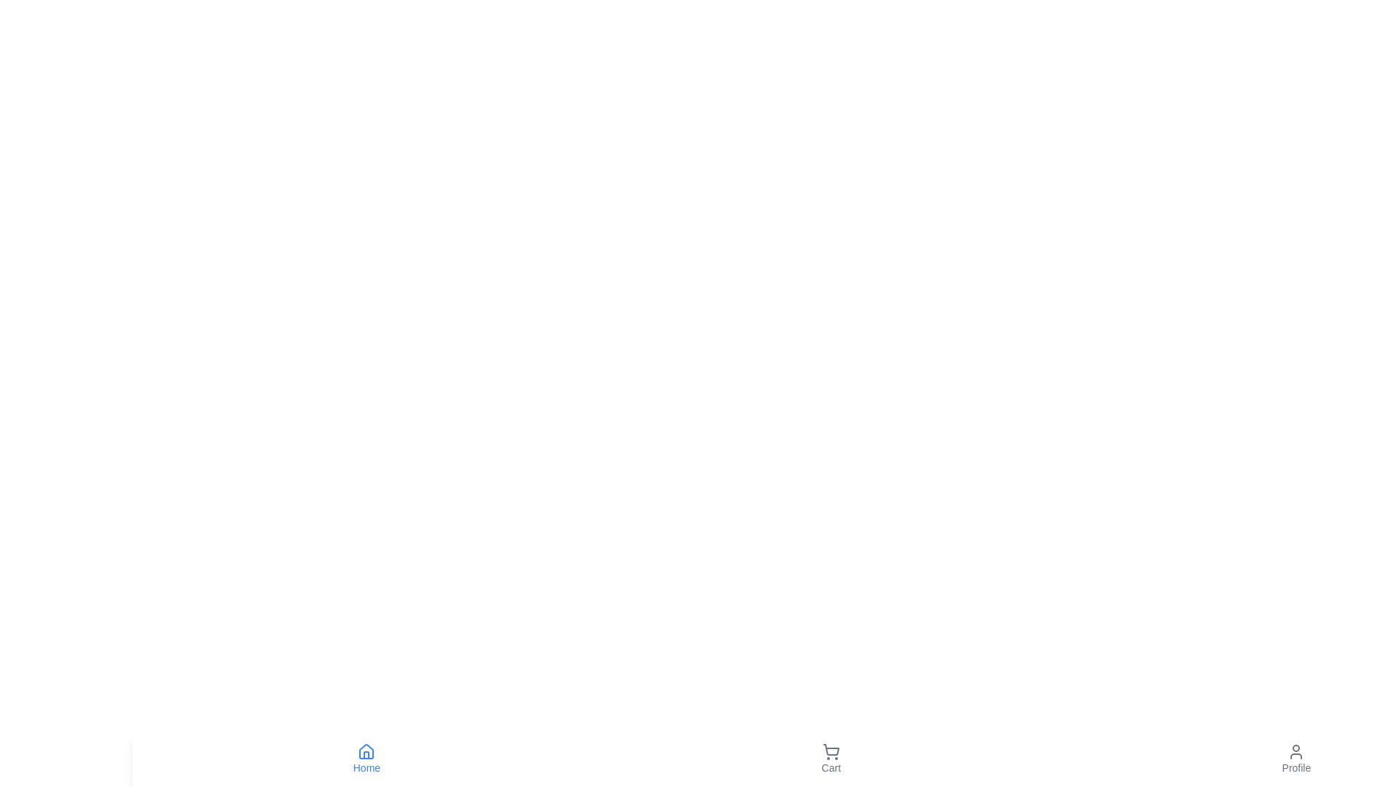 This screenshot has height=787, width=1399. Describe the element at coordinates (367, 758) in the screenshot. I see `the navigation item Home` at that location.